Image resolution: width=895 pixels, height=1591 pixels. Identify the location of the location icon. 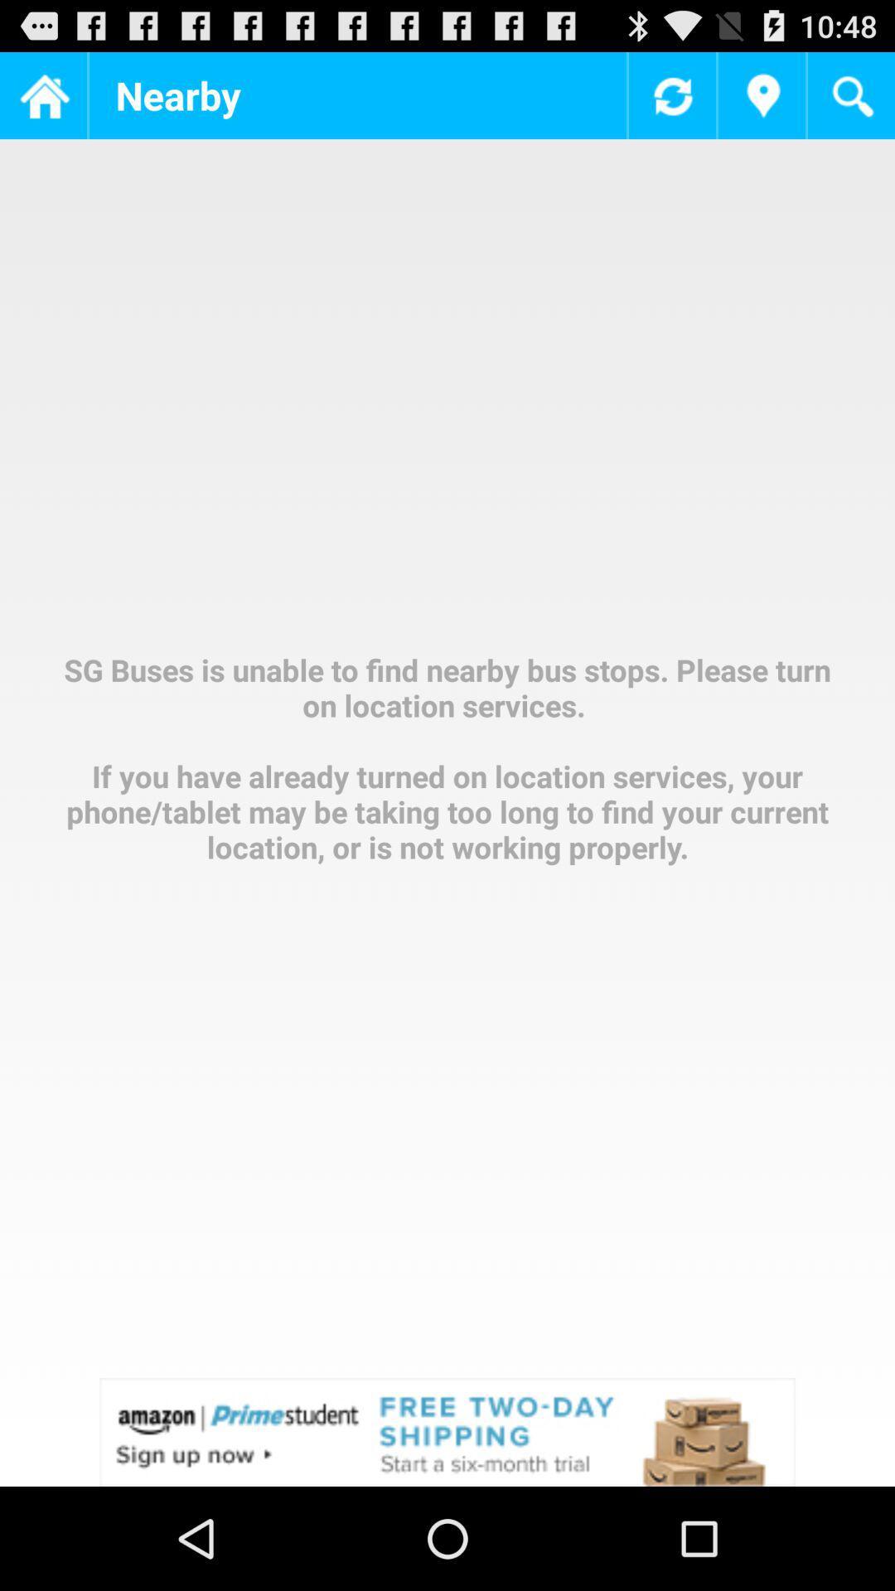
(762, 101).